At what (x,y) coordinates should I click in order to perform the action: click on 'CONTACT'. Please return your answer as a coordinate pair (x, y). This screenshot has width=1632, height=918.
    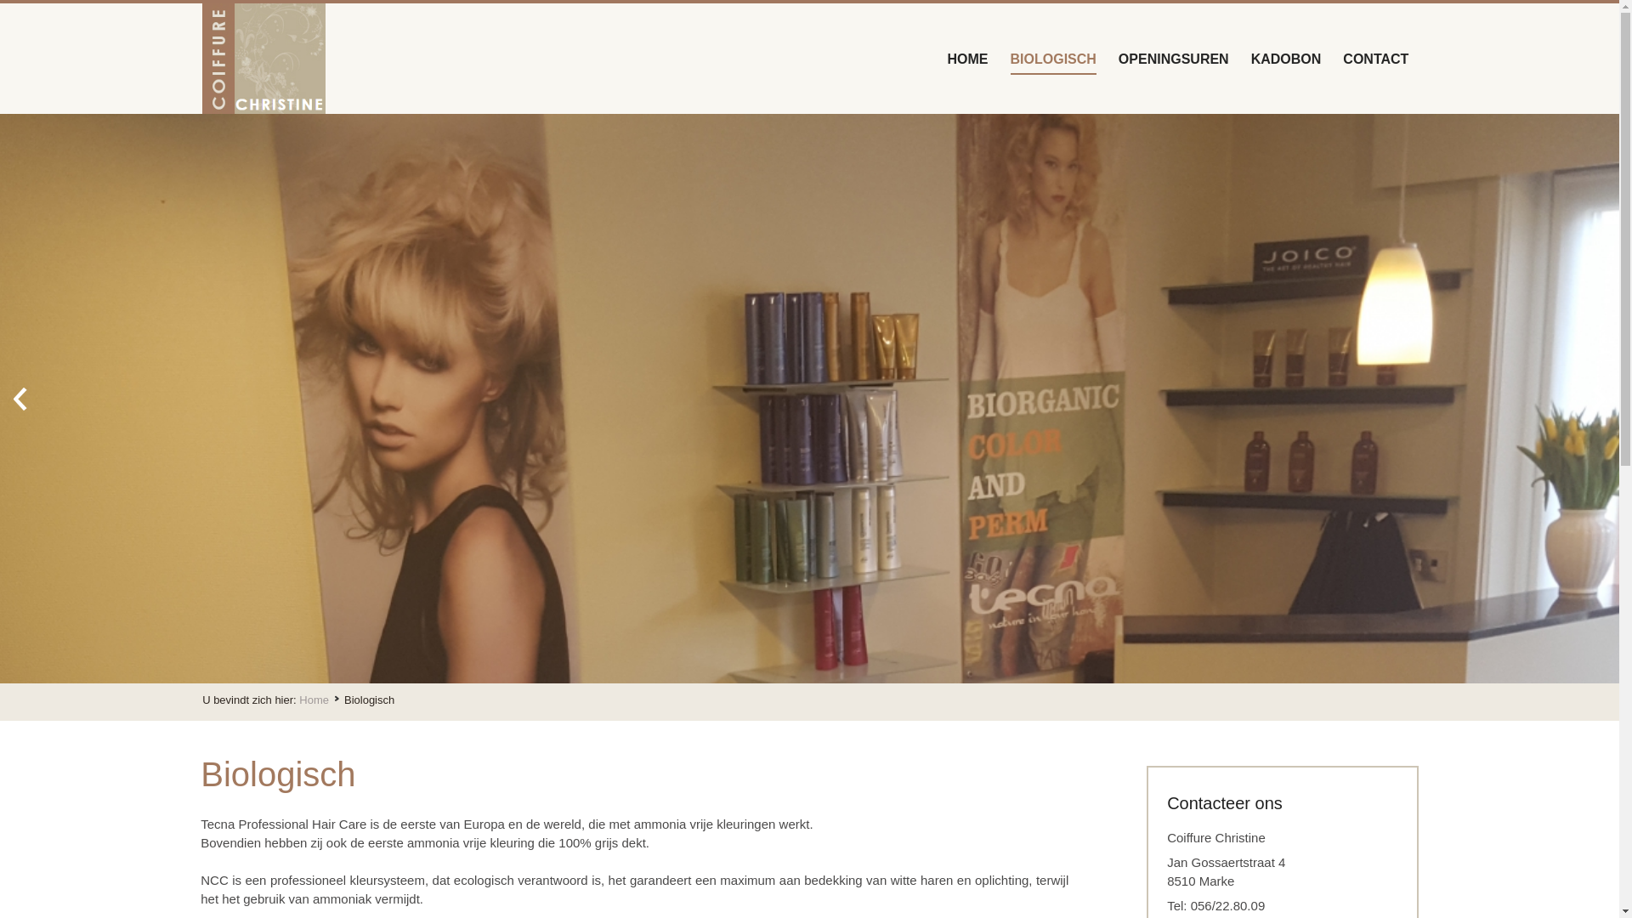
    Looking at the image, I should click on (1341, 57).